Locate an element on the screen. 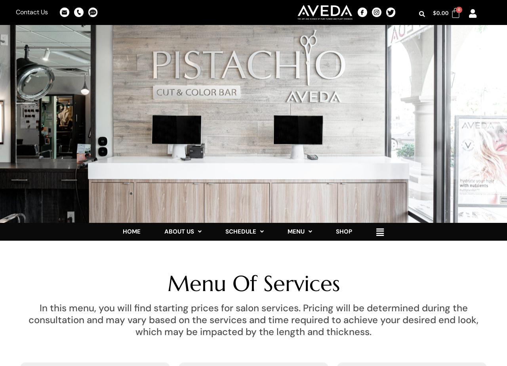 This screenshot has height=366, width=507. 'Education' is located at coordinates (187, 285).